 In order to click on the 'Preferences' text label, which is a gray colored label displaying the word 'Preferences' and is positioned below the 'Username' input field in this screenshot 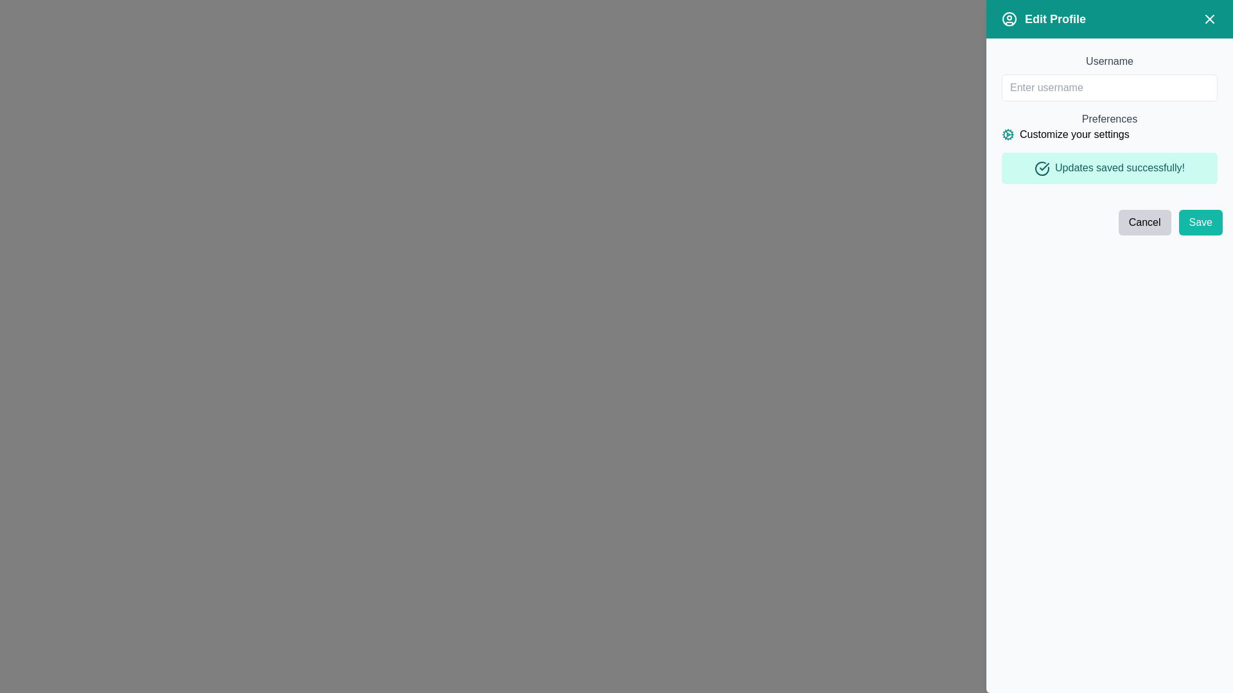, I will do `click(1109, 119)`.